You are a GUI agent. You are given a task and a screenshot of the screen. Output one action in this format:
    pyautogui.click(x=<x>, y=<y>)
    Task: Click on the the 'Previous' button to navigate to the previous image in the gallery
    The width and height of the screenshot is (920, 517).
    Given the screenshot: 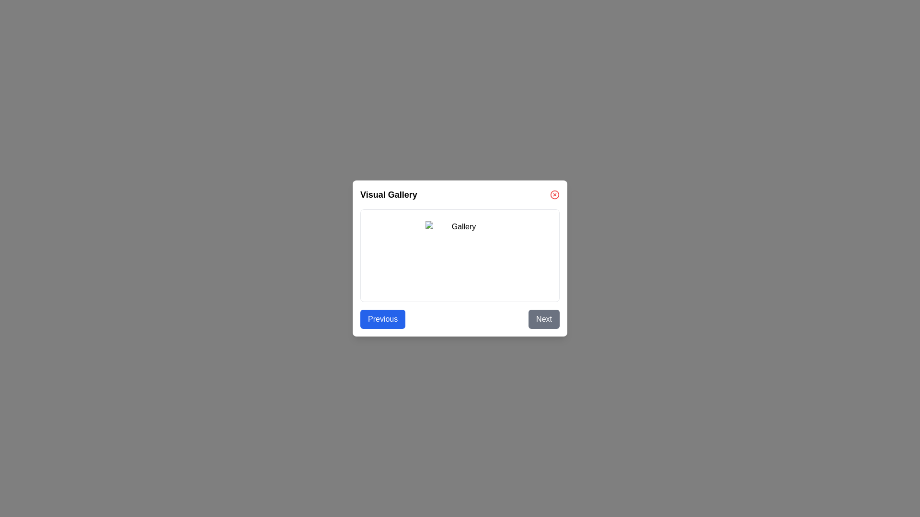 What is the action you would take?
    pyautogui.click(x=382, y=319)
    